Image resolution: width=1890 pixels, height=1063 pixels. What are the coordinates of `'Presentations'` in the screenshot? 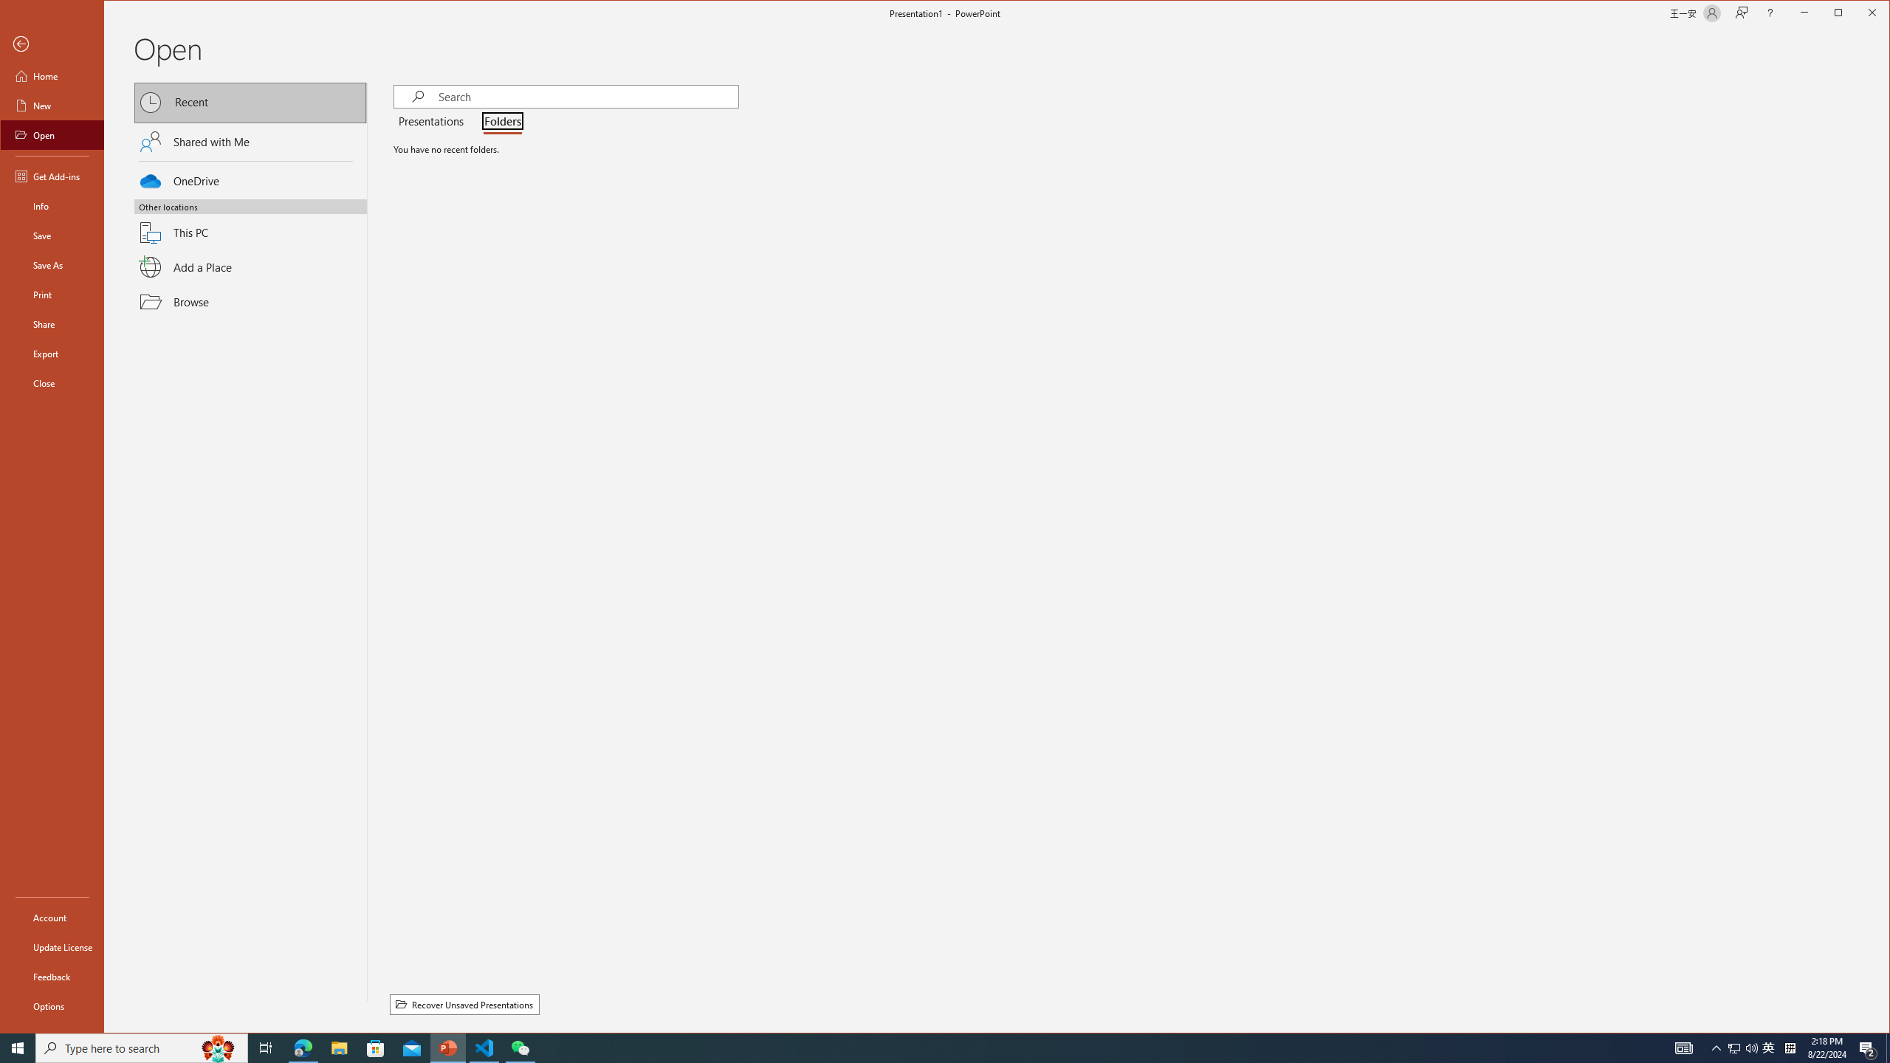 It's located at (433, 121).